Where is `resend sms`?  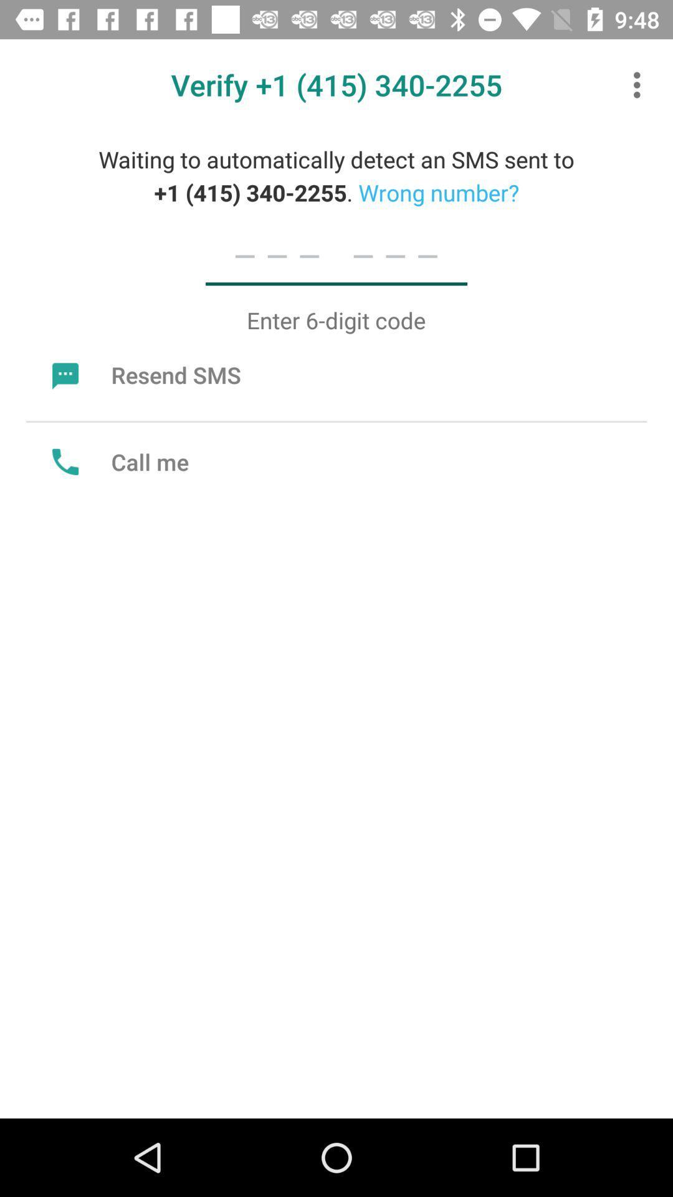
resend sms is located at coordinates (143, 374).